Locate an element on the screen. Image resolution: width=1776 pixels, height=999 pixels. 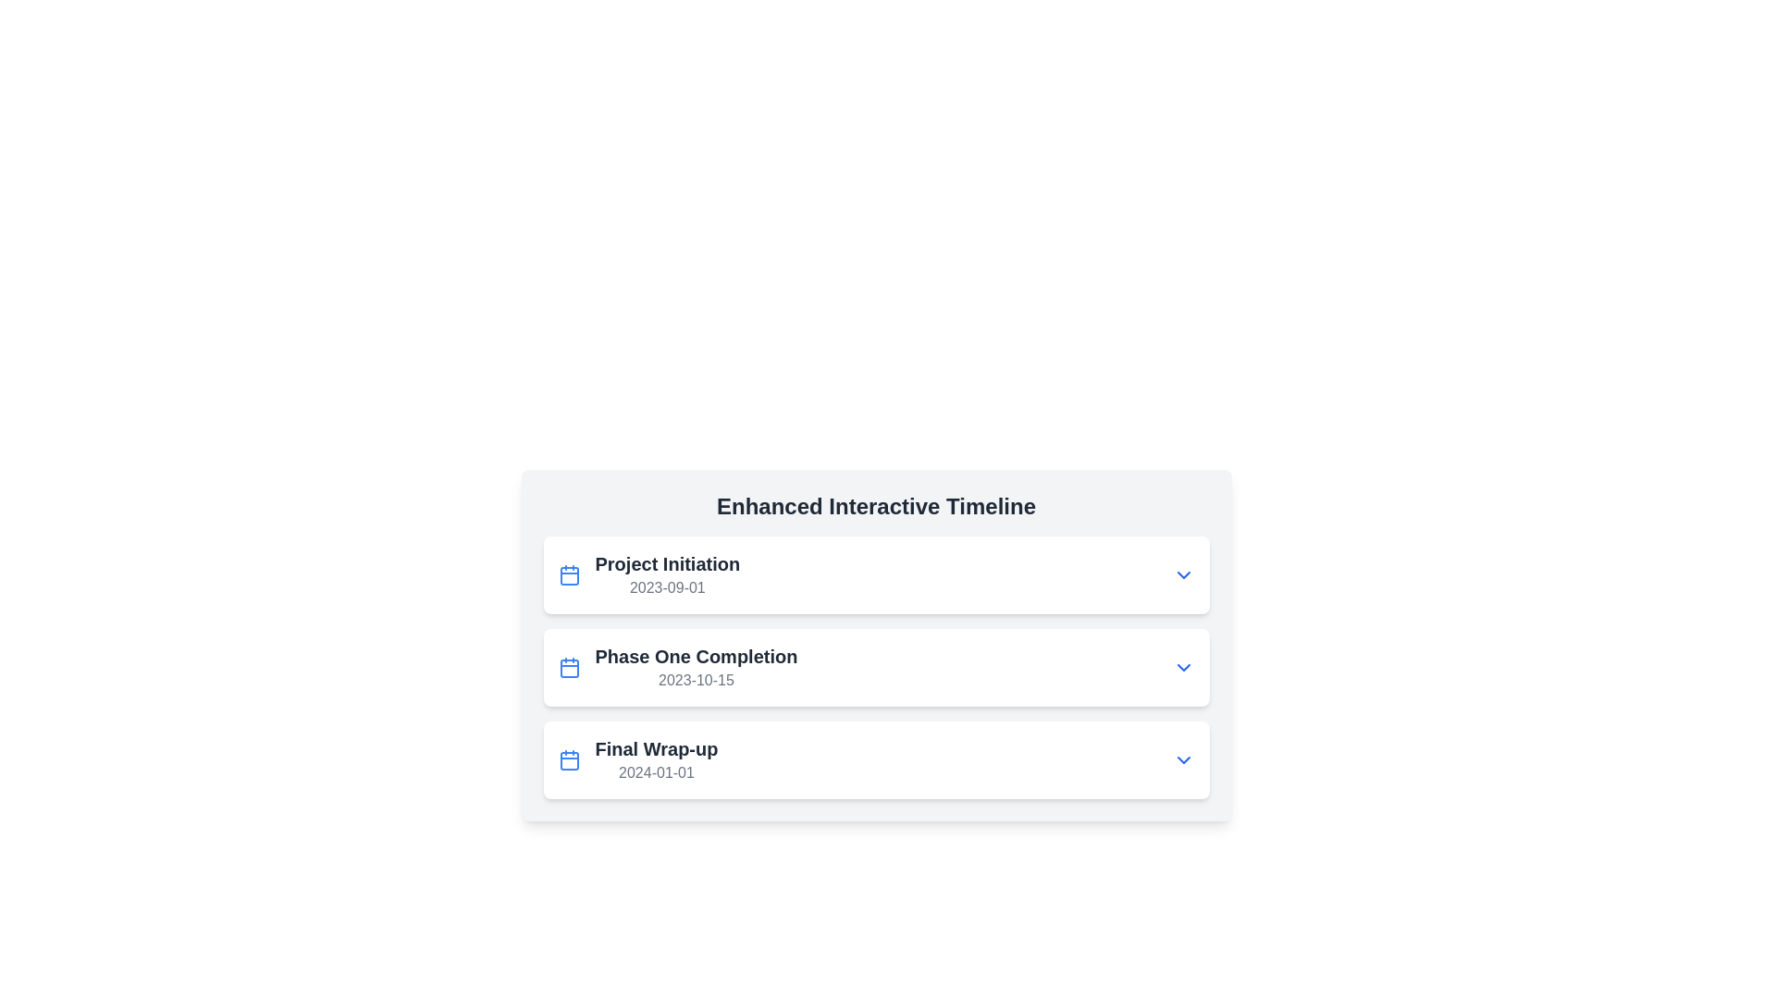
the static date display text label associated with the 'Final Wrap-up' event, positioned beneath the header text and aligned to the right of the calendar icon is located at coordinates (657, 773).